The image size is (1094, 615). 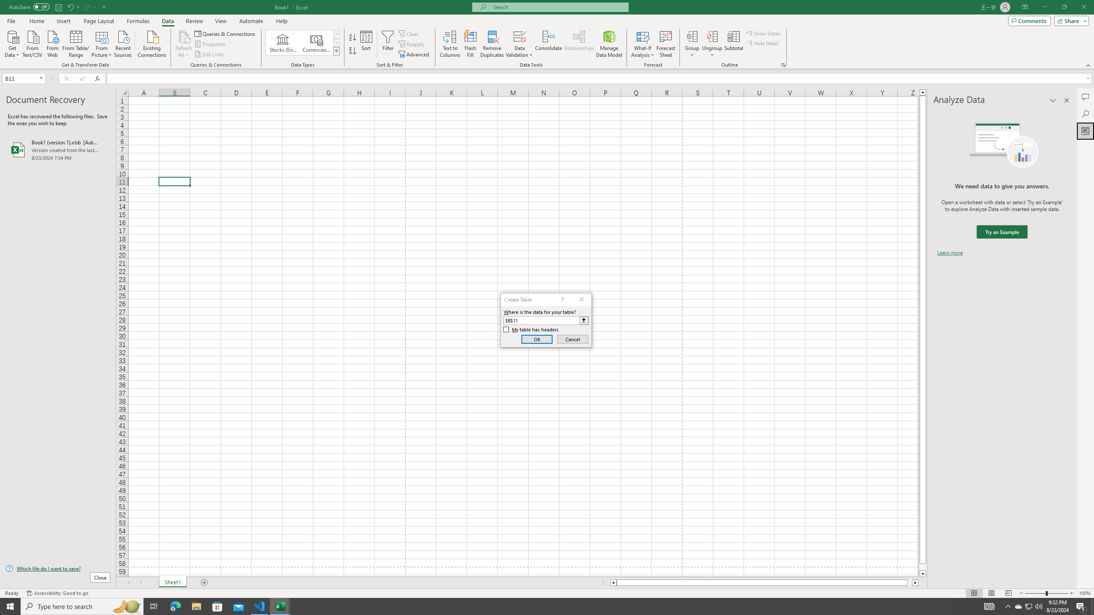 I want to click on 'Which file do I want to save?', so click(x=57, y=569).